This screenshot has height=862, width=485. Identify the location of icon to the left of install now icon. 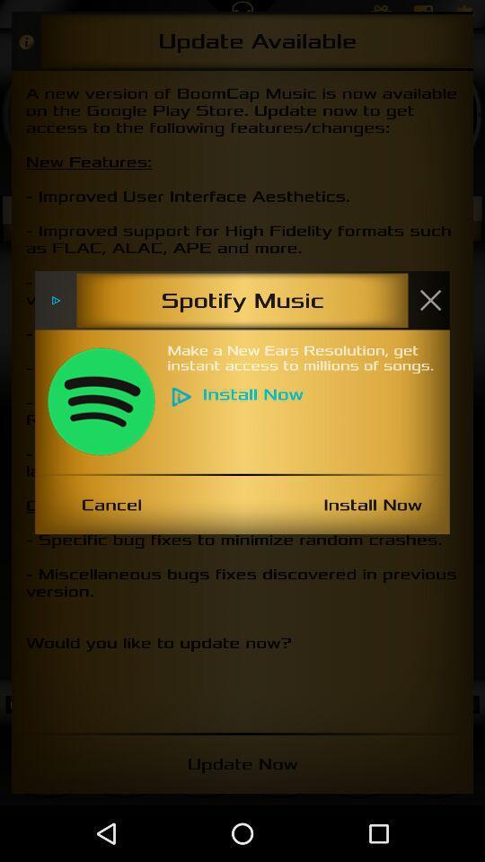
(111, 505).